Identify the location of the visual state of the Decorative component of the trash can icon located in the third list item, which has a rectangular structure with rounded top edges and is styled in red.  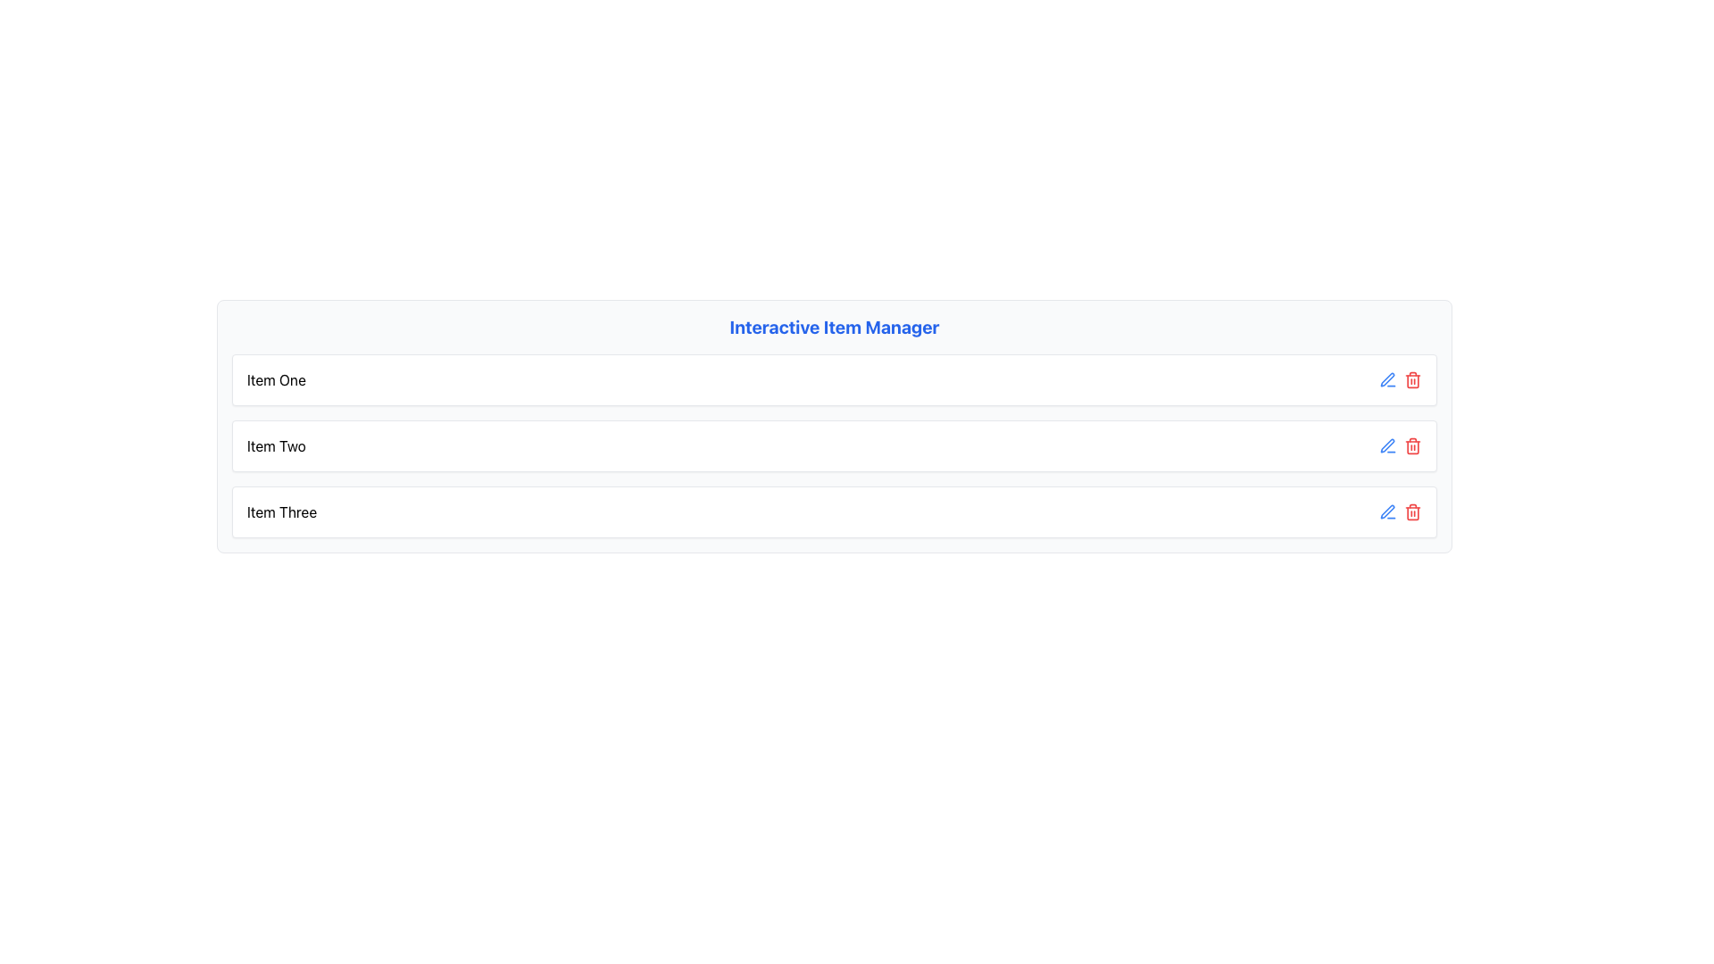
(1412, 512).